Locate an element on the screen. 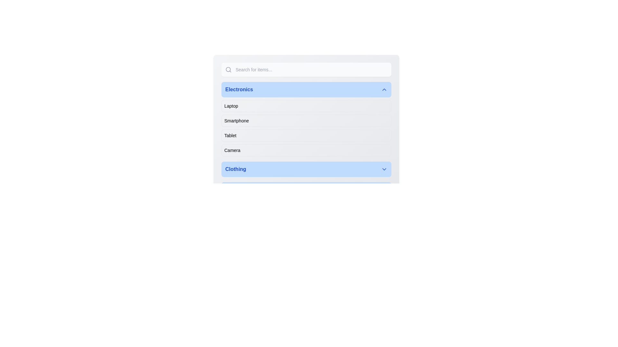 This screenshot has width=618, height=347. the first list item labeled 'Laptop' in the 'Electronics' section is located at coordinates (231, 106).